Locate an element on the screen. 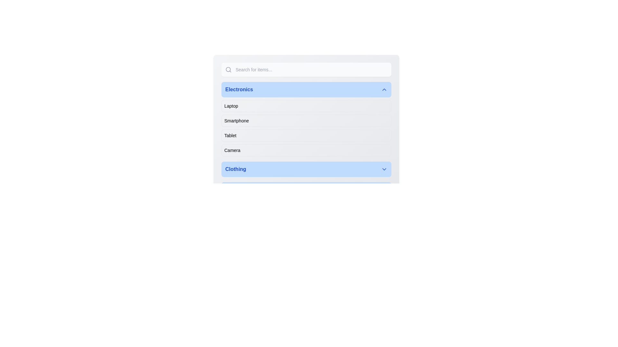 This screenshot has width=618, height=347. the first list item labeled 'Laptop' in the 'Electronics' section is located at coordinates (231, 106).